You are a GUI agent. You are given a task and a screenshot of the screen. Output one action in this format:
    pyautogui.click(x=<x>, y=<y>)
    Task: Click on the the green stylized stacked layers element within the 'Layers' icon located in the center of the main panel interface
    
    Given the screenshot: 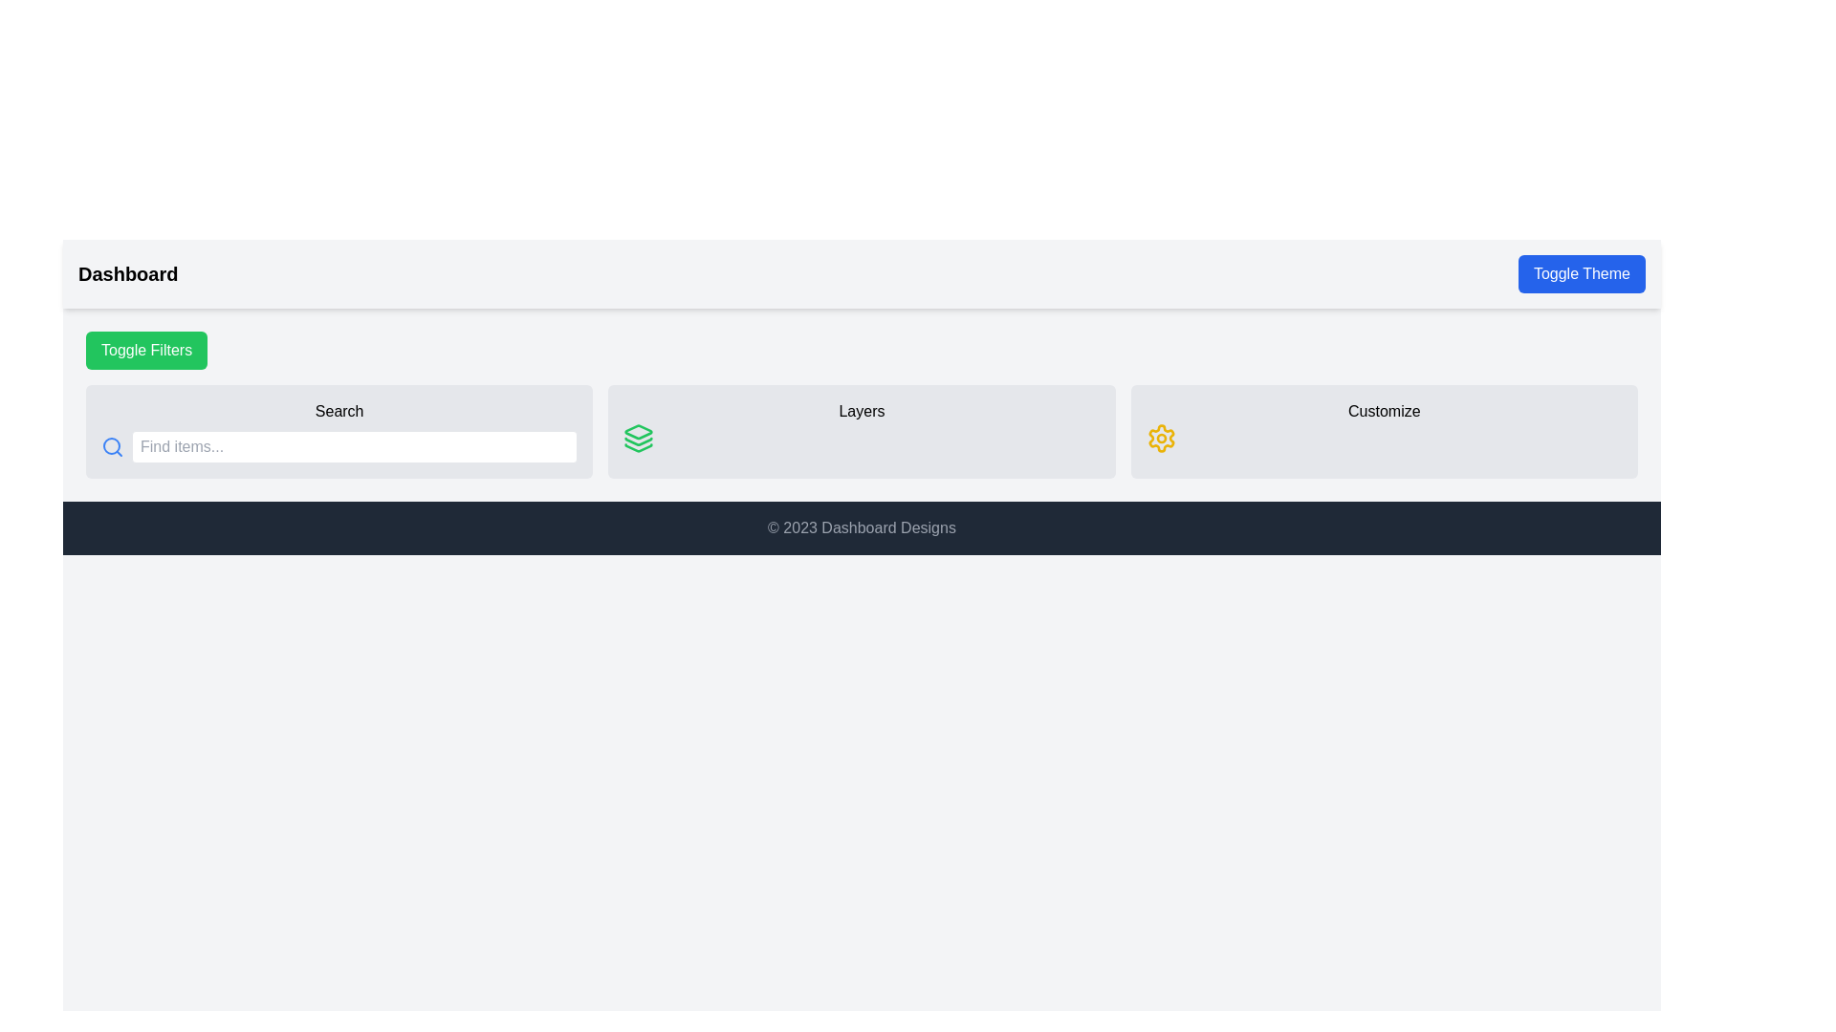 What is the action you would take?
    pyautogui.click(x=639, y=441)
    